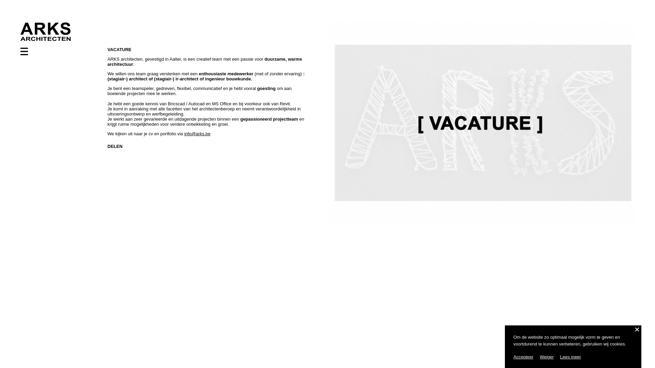 The width and height of the screenshot is (655, 368). I want to click on 'Accepteer', so click(523, 356).